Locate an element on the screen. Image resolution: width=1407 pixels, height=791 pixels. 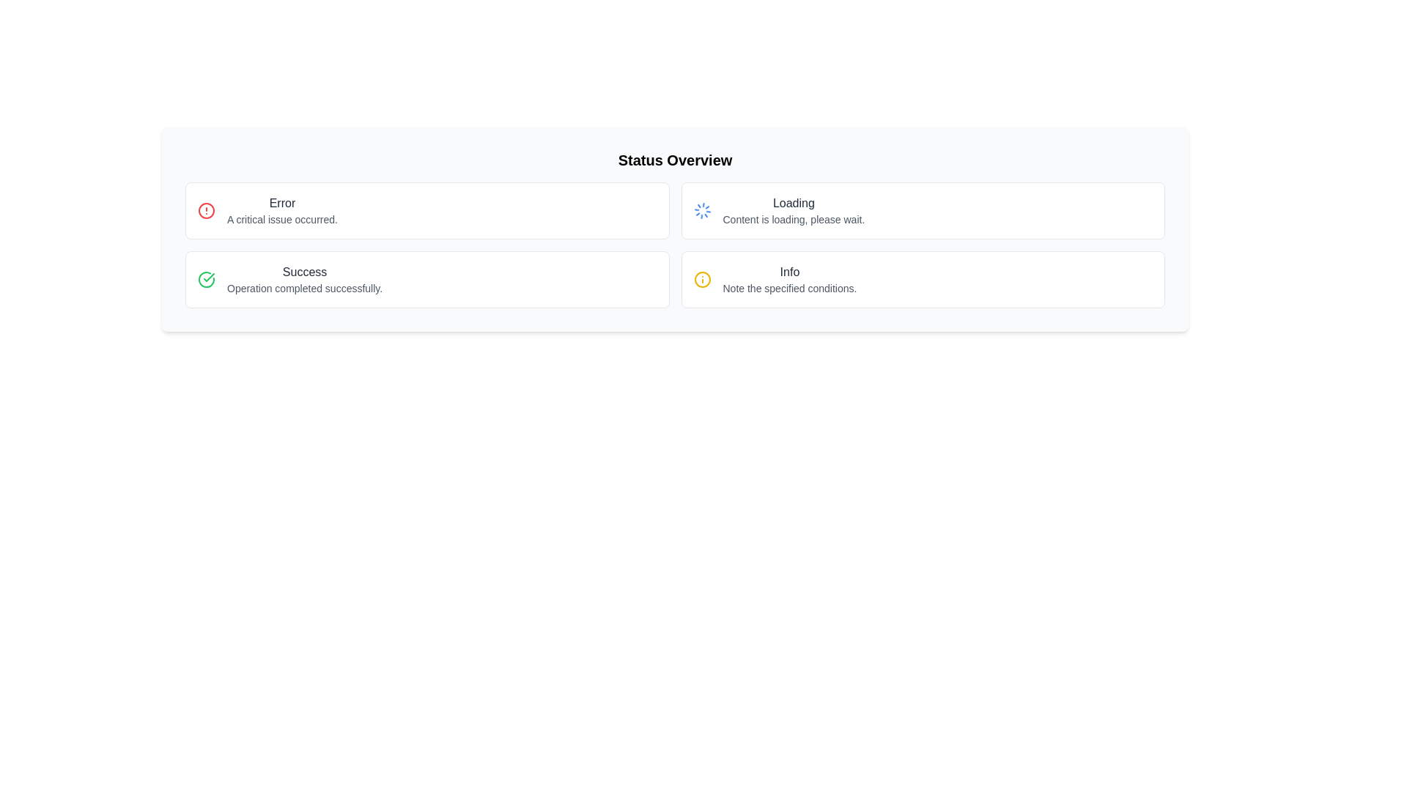
the text label that reads 'Content is loading, please wait.' located beneath the 'Loading' title and spinner icon in the upper right section of the interface is located at coordinates (793, 220).